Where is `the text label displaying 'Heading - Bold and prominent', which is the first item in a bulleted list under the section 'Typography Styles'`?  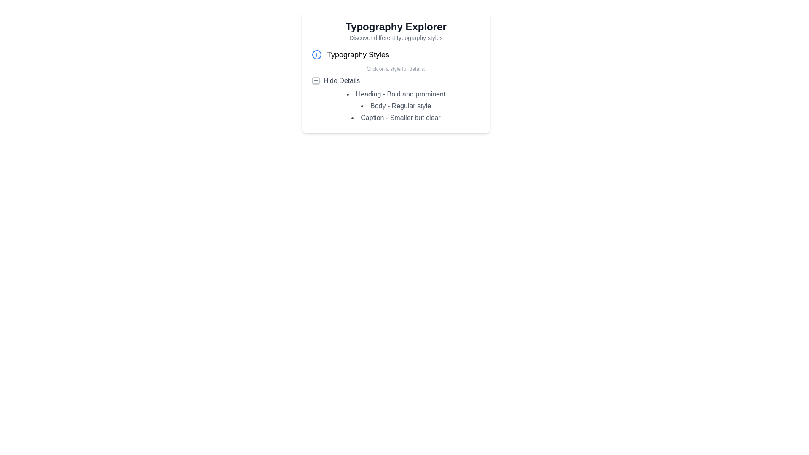
the text label displaying 'Heading - Bold and prominent', which is the first item in a bulleted list under the section 'Typography Styles' is located at coordinates (396, 94).